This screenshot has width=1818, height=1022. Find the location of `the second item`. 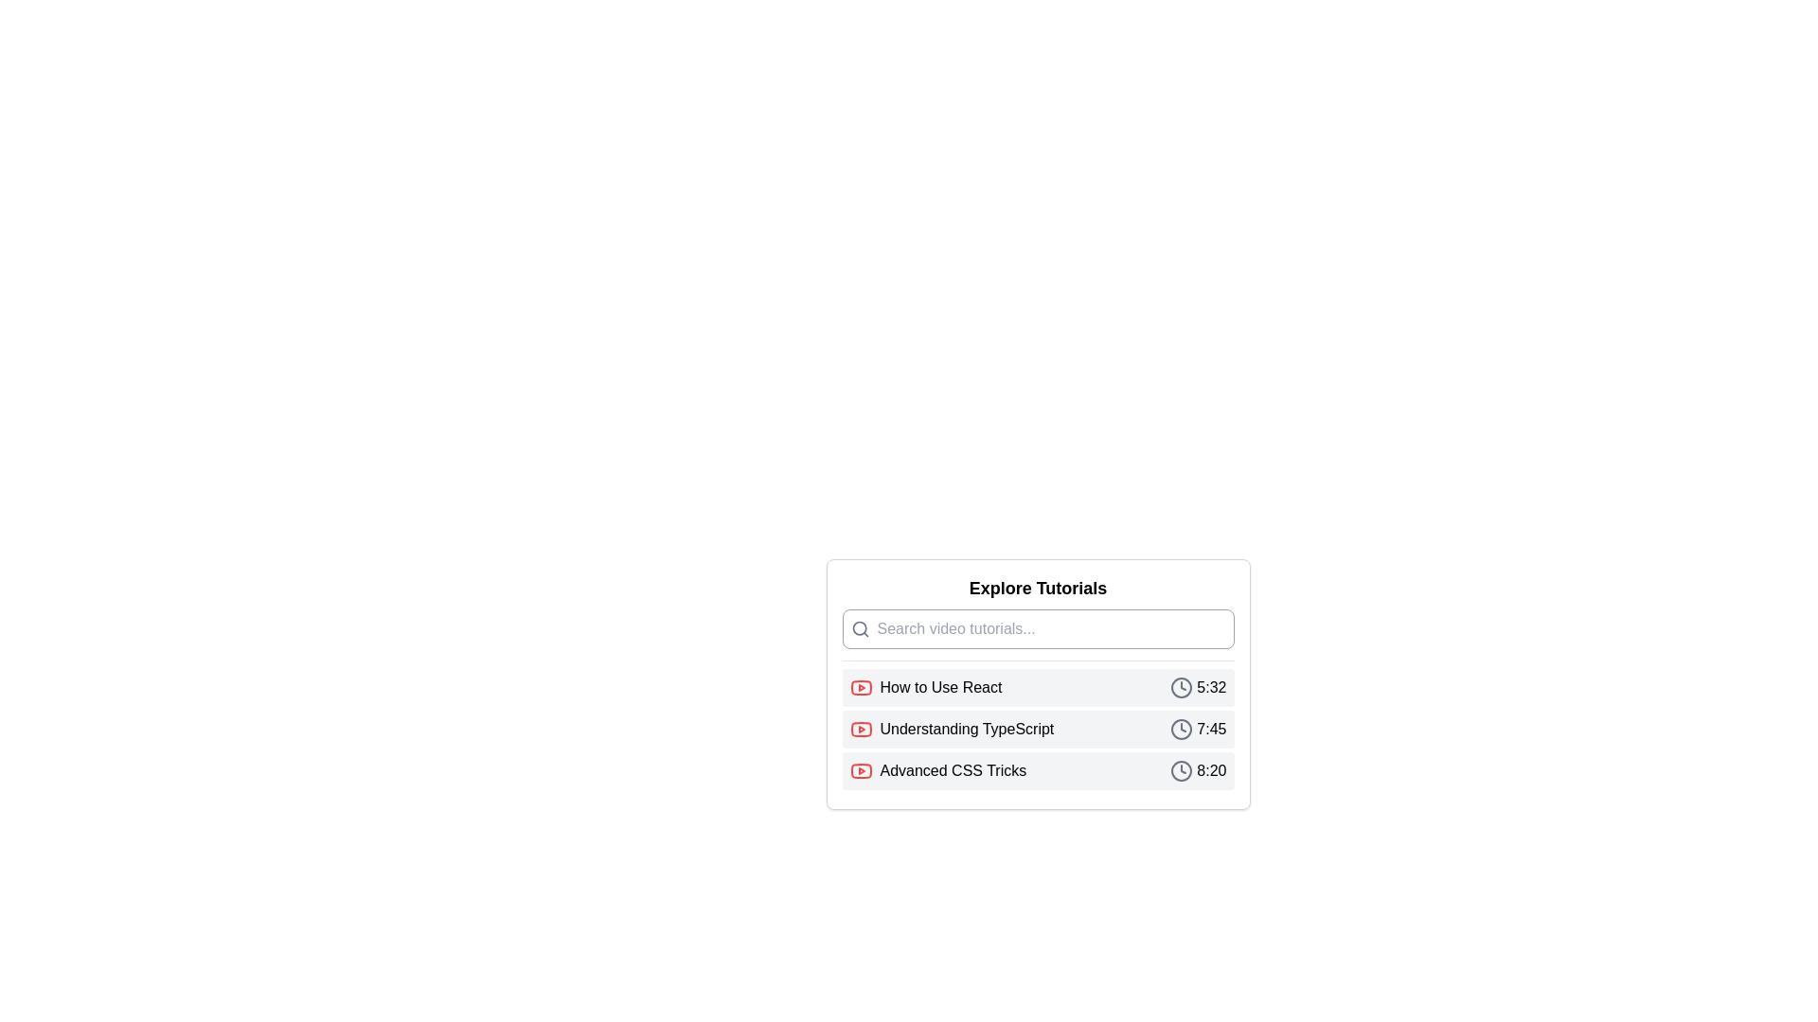

the second item is located at coordinates (1037, 729).